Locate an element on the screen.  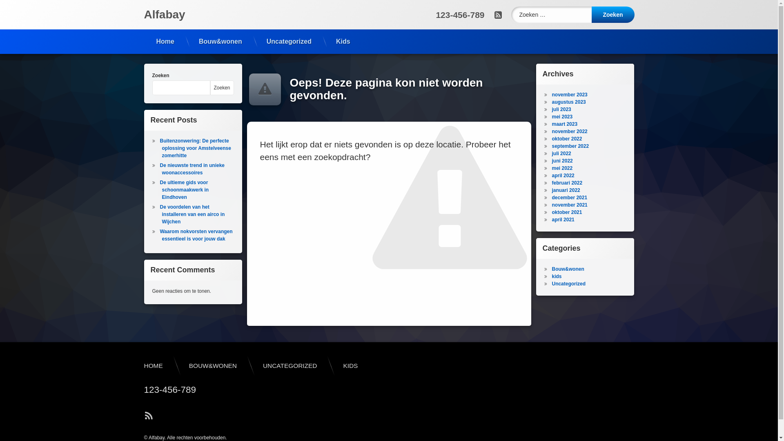
'Home' is located at coordinates (164, 41).